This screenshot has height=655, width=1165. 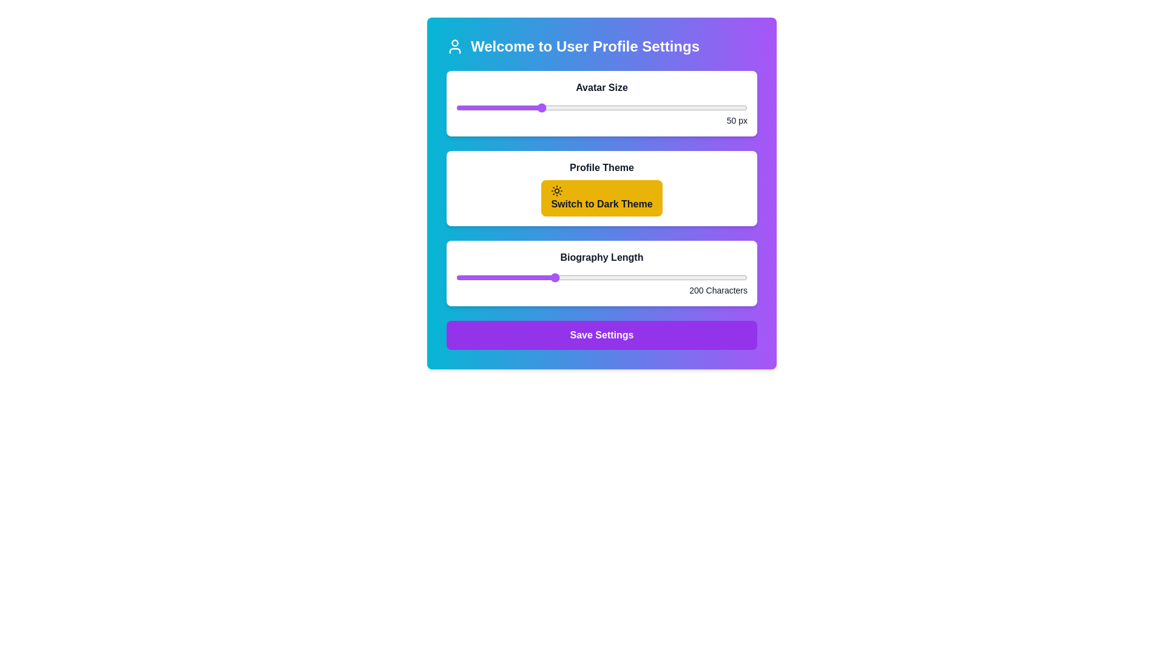 I want to click on avatar size, so click(x=559, y=107).